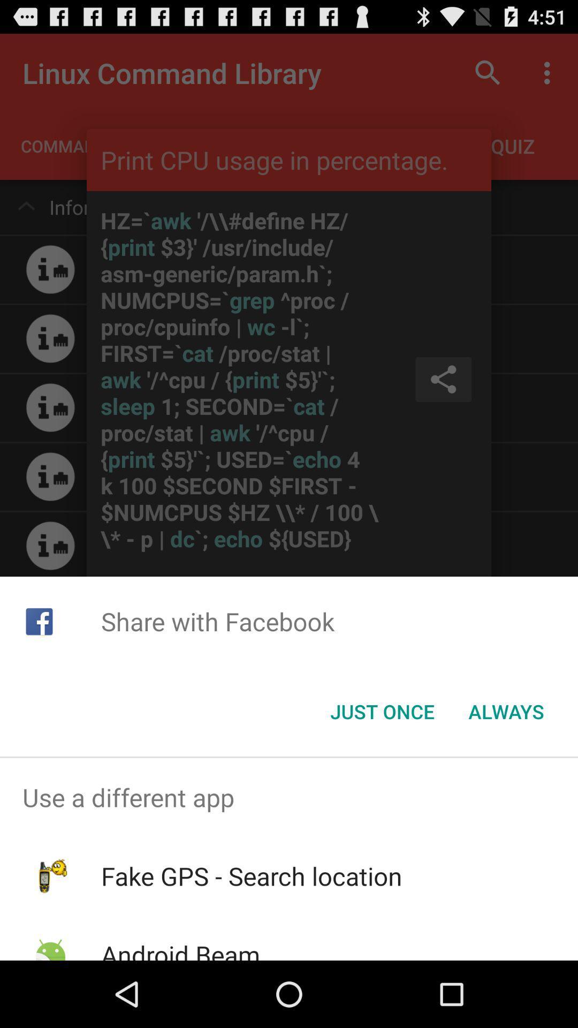 The image size is (578, 1028). I want to click on the fake gps search item, so click(252, 876).